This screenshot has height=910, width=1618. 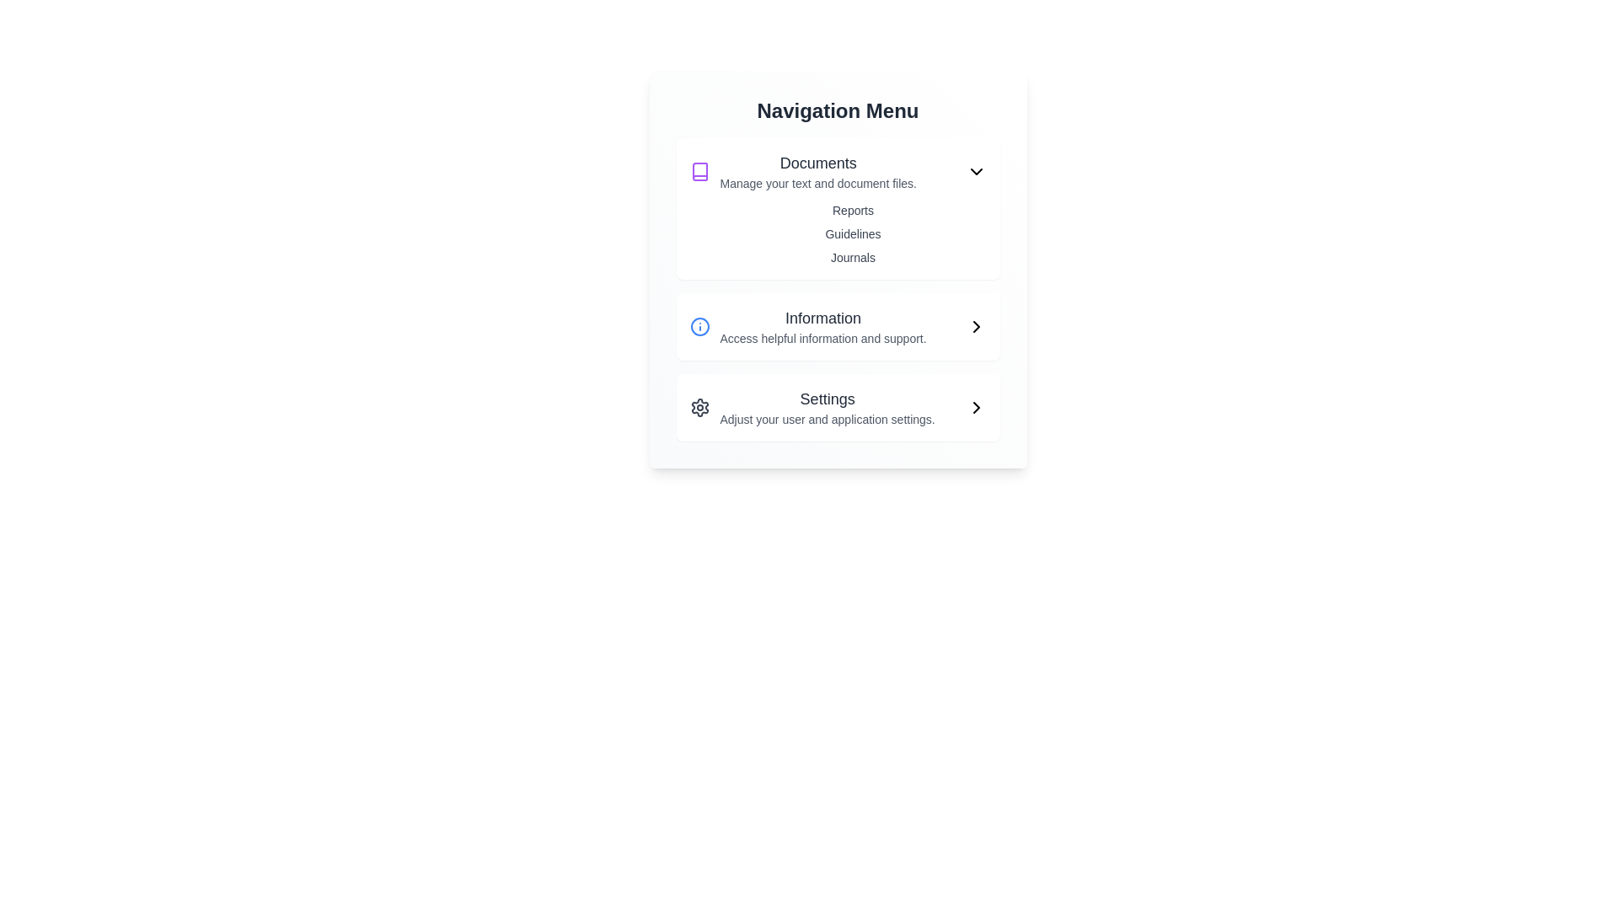 I want to click on the third text link in the 'Documents' section, so click(x=838, y=257).